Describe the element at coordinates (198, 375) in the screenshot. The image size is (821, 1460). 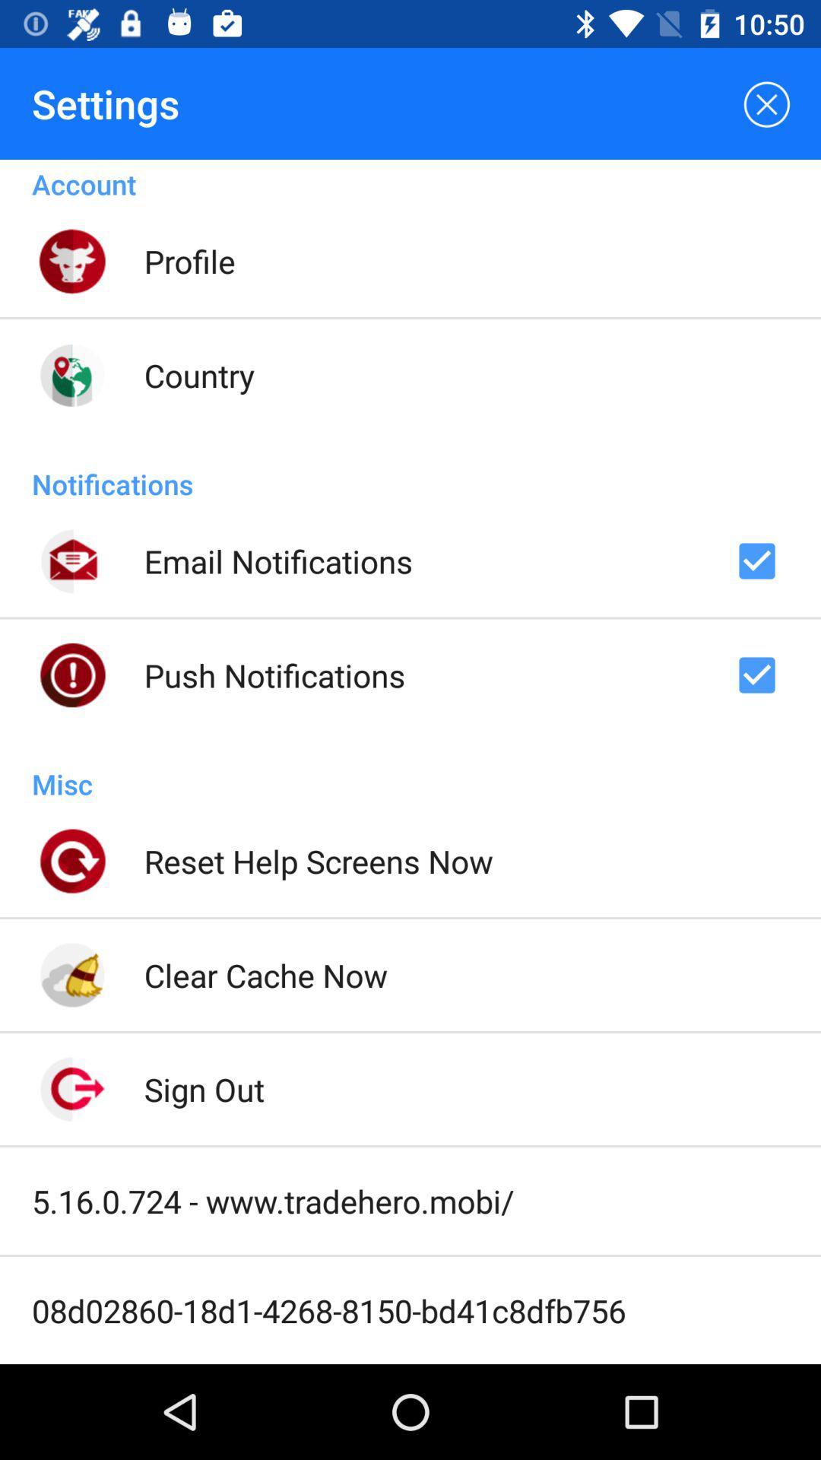
I see `icon below profile icon` at that location.